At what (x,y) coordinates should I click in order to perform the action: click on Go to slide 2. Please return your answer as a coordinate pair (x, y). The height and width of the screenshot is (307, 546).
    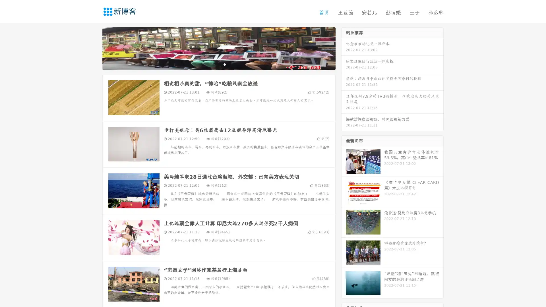
    Looking at the image, I should click on (218, 64).